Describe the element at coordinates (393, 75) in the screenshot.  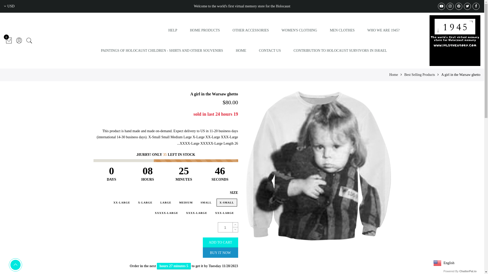
I see `'Home'` at that location.